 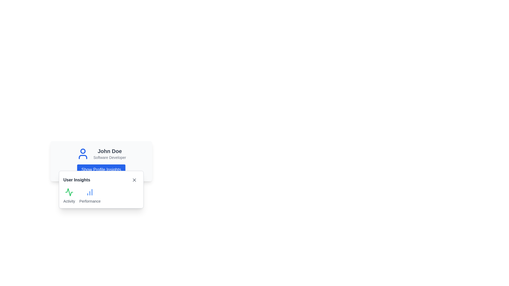 I want to click on the 'Activity' label located in the 'User Insights' section, positioned below the green 'Activity' icon, to gather information, so click(x=69, y=201).